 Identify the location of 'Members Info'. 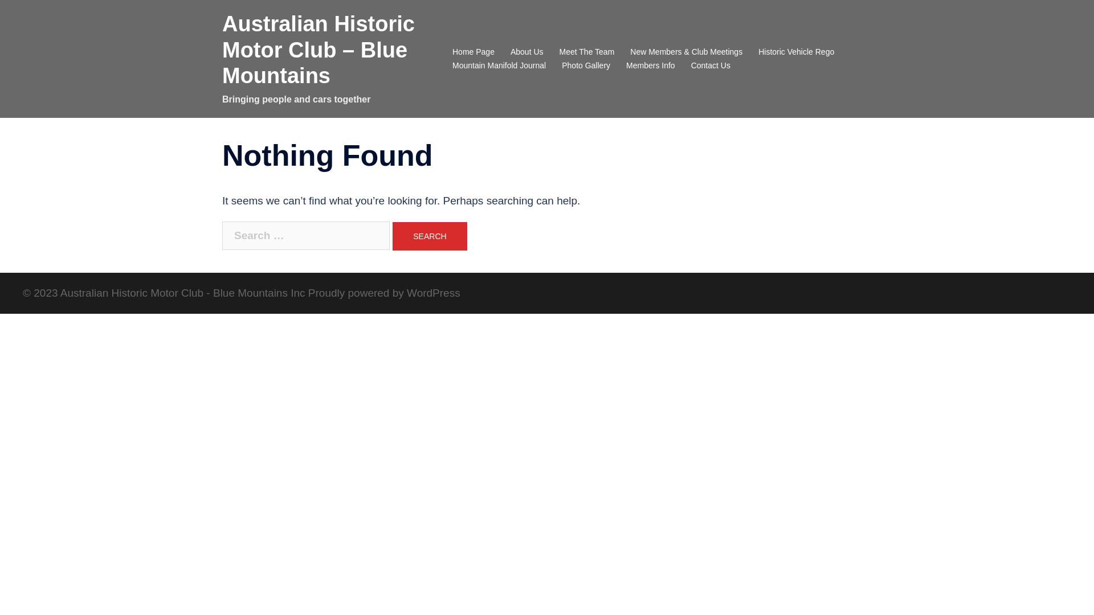
(626, 65).